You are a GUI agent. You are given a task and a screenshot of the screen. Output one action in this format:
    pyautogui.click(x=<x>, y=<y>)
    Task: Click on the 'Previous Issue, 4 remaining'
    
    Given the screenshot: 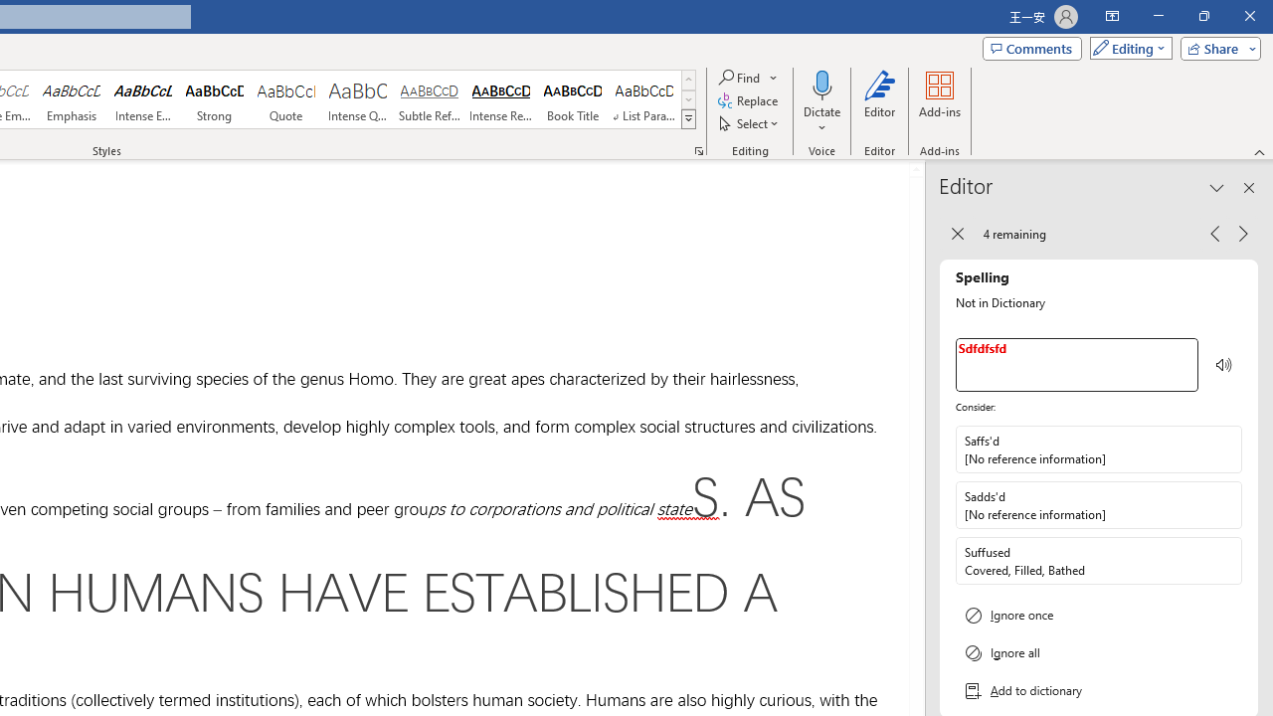 What is the action you would take?
    pyautogui.click(x=1213, y=232)
    